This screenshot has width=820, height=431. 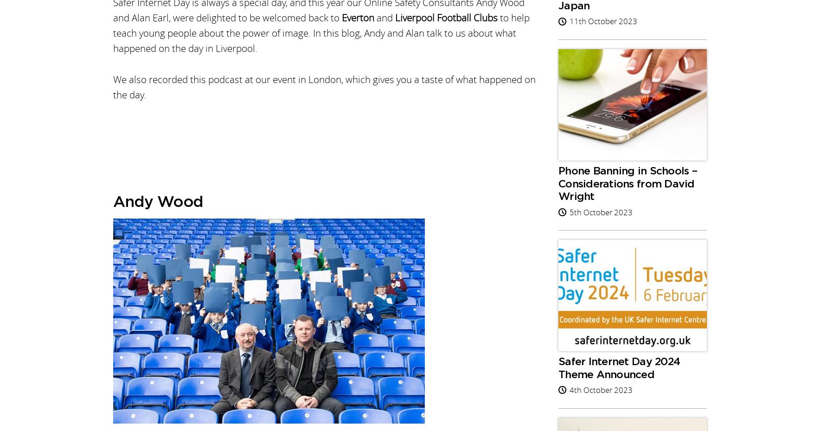 What do you see at coordinates (243, 320) in the screenshot?
I see `'Subscribe to our monthly newsletter for the latest news, content and tips about Online Safety, Security, and Education Technology'` at bounding box center [243, 320].